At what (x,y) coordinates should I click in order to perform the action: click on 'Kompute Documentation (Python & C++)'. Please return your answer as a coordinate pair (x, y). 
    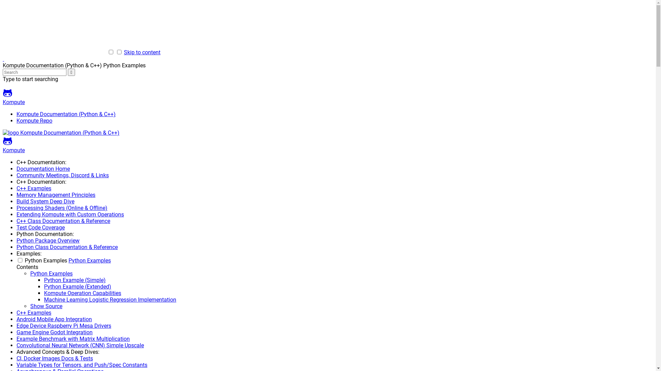
    Looking at the image, I should click on (70, 133).